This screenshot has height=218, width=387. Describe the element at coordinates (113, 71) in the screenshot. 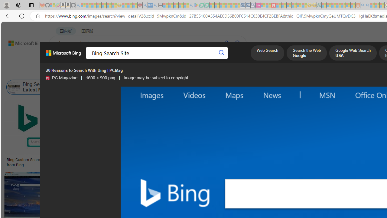

I see `'Type'` at that location.